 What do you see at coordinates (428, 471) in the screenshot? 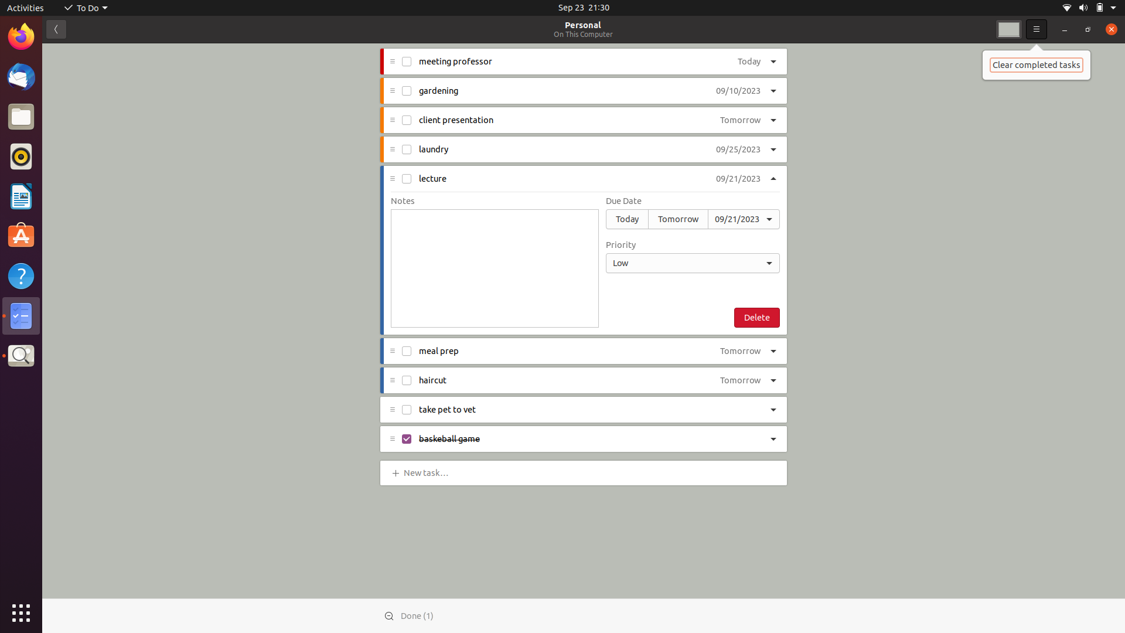
I see `Add "grocery shopping" task` at bounding box center [428, 471].